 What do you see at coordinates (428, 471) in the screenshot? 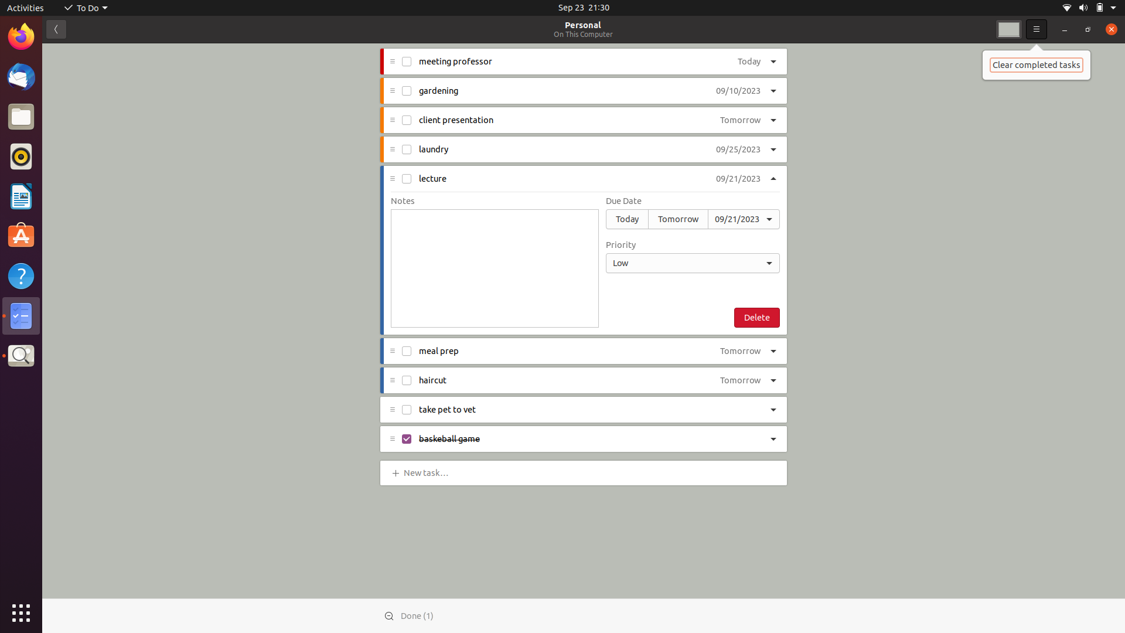
I see `Add "grocery shopping" task` at bounding box center [428, 471].